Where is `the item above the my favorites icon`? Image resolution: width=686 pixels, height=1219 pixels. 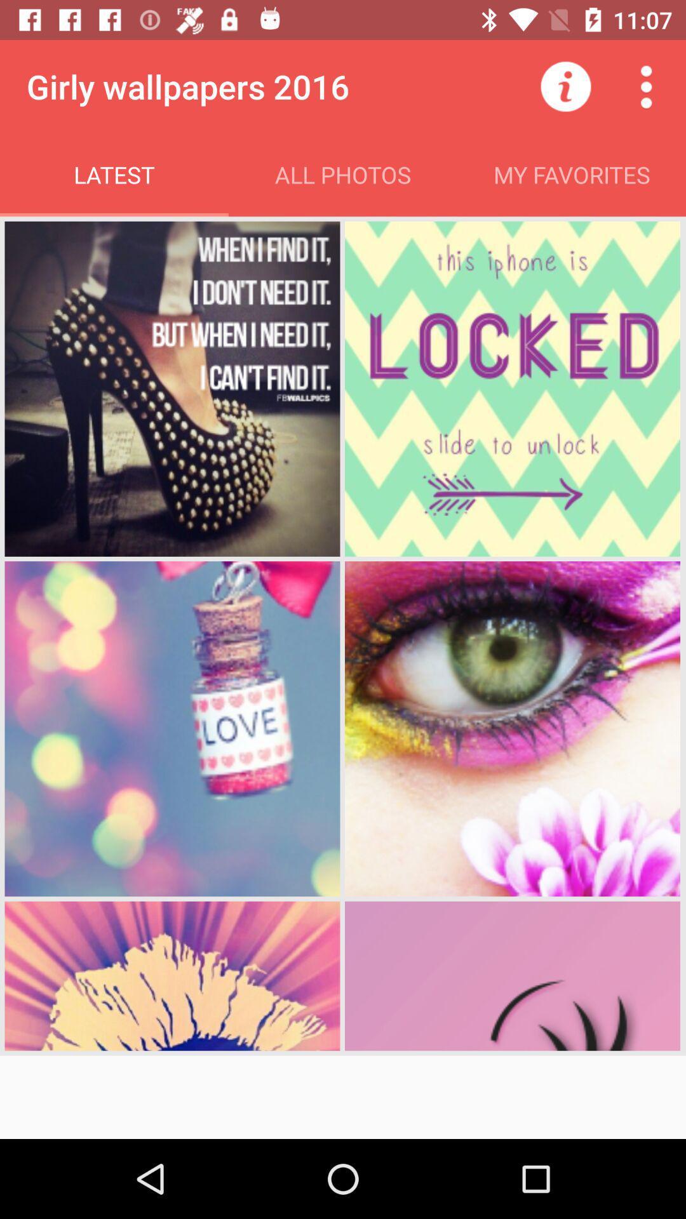 the item above the my favorites icon is located at coordinates (646, 86).